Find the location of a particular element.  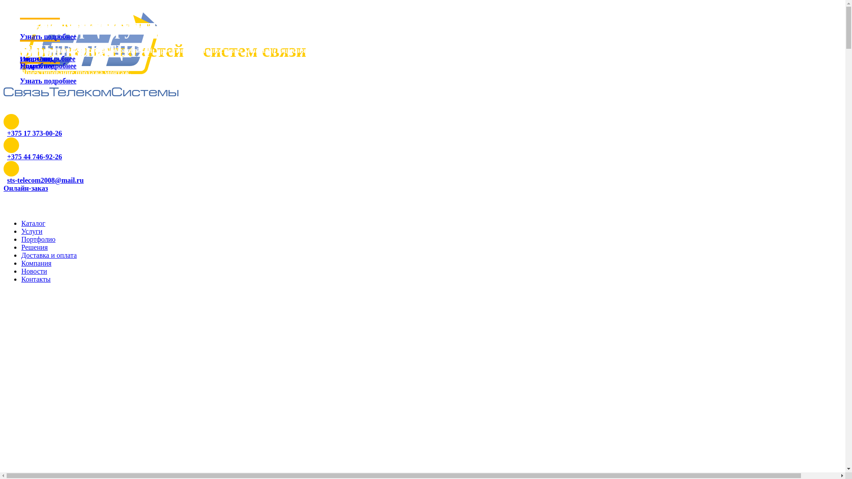

'+375 44 746-92-26' is located at coordinates (34, 156).